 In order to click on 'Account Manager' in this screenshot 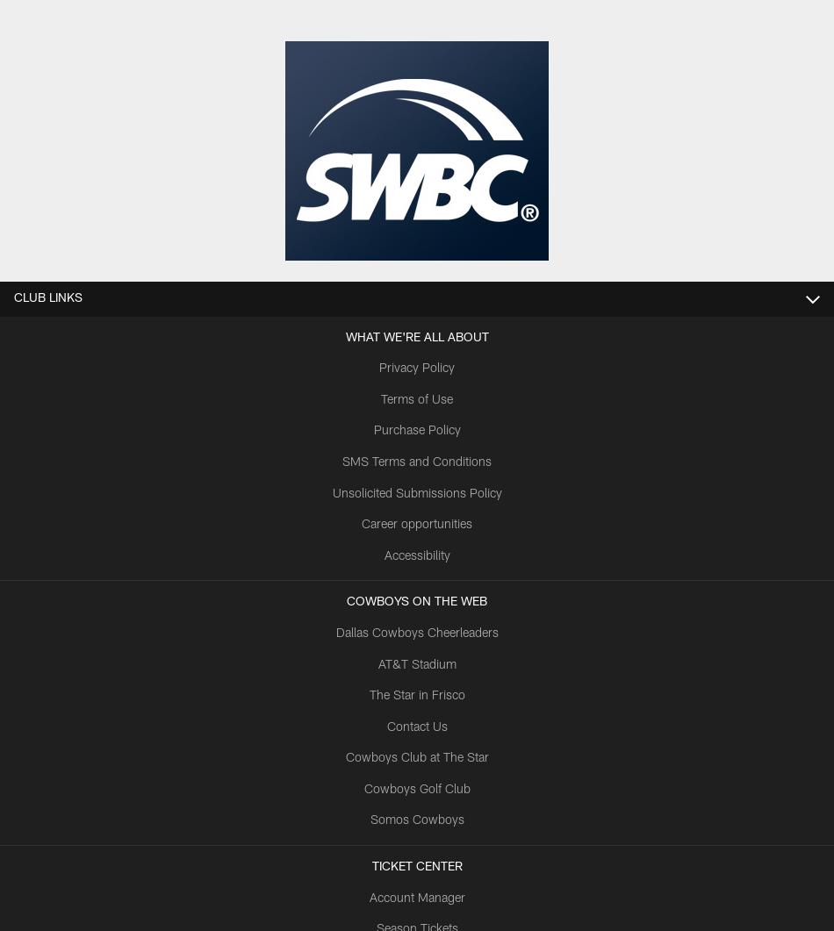, I will do `click(367, 897)`.